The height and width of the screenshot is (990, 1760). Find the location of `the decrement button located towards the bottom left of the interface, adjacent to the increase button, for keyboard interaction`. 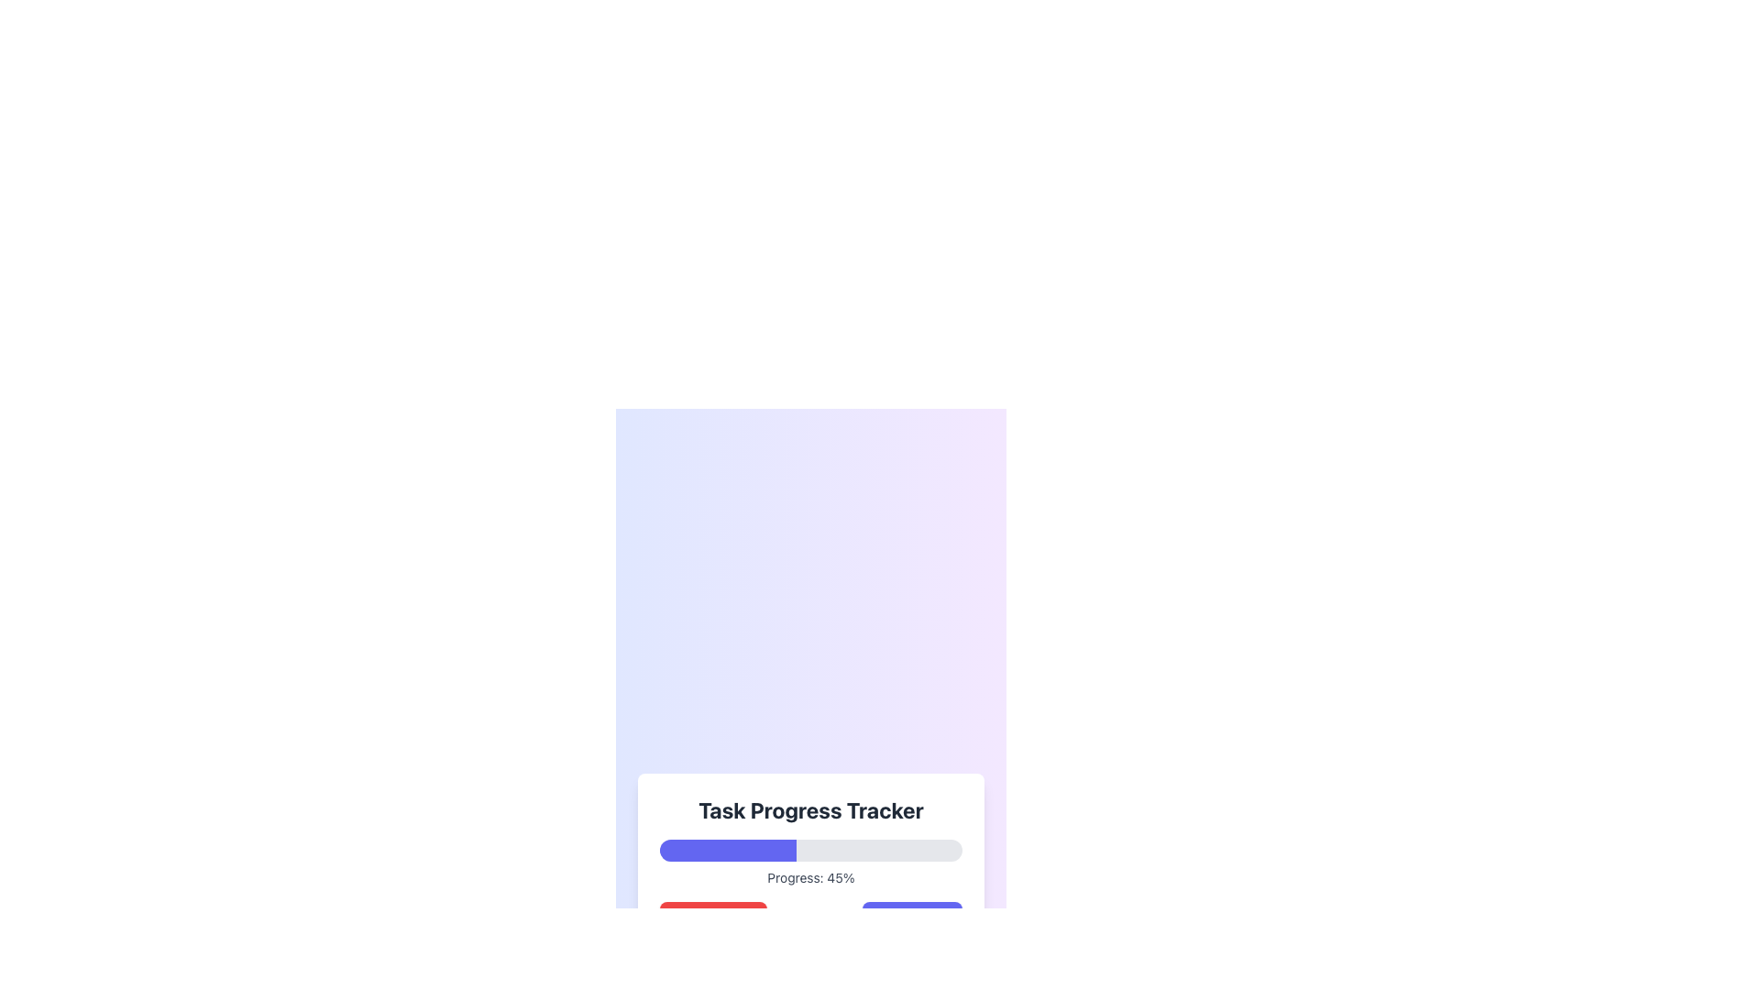

the decrement button located towards the bottom left of the interface, adjacent to the increase button, for keyboard interaction is located at coordinates (712, 919).